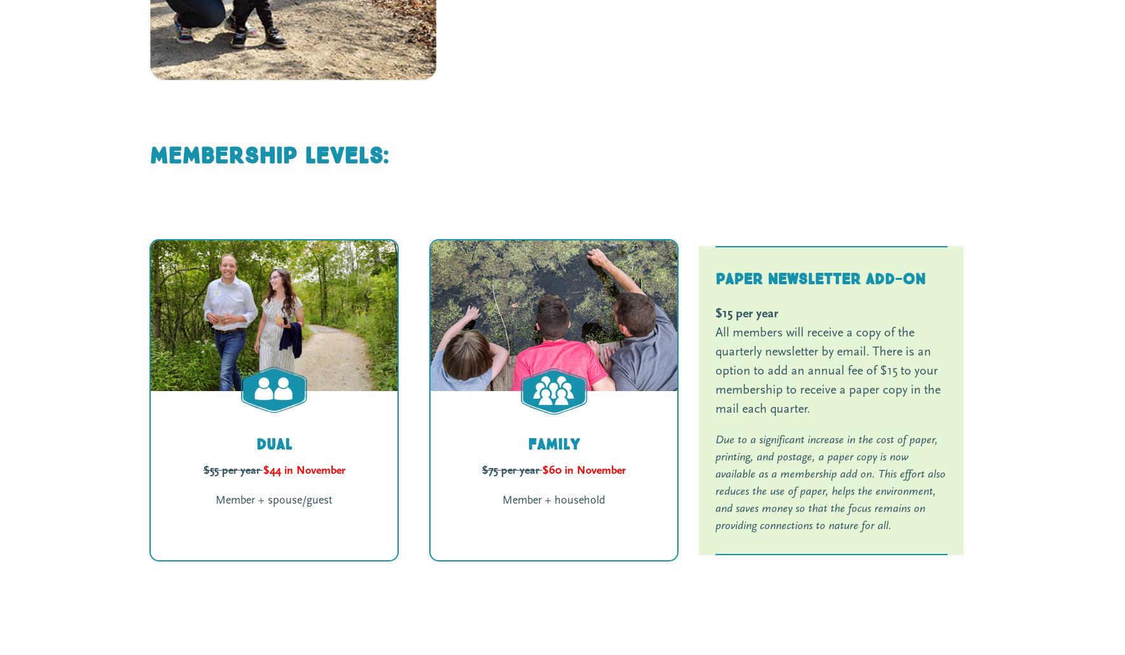 This screenshot has width=1125, height=655. I want to click on 'Due to a significant increase in the cost of paper, printing, and postage, a paper copy is now available as a membership add on. This effort also reduces the use of paper, helps the environment, and saves money so that the focus remains on providing connections to nature for all.', so click(829, 483).